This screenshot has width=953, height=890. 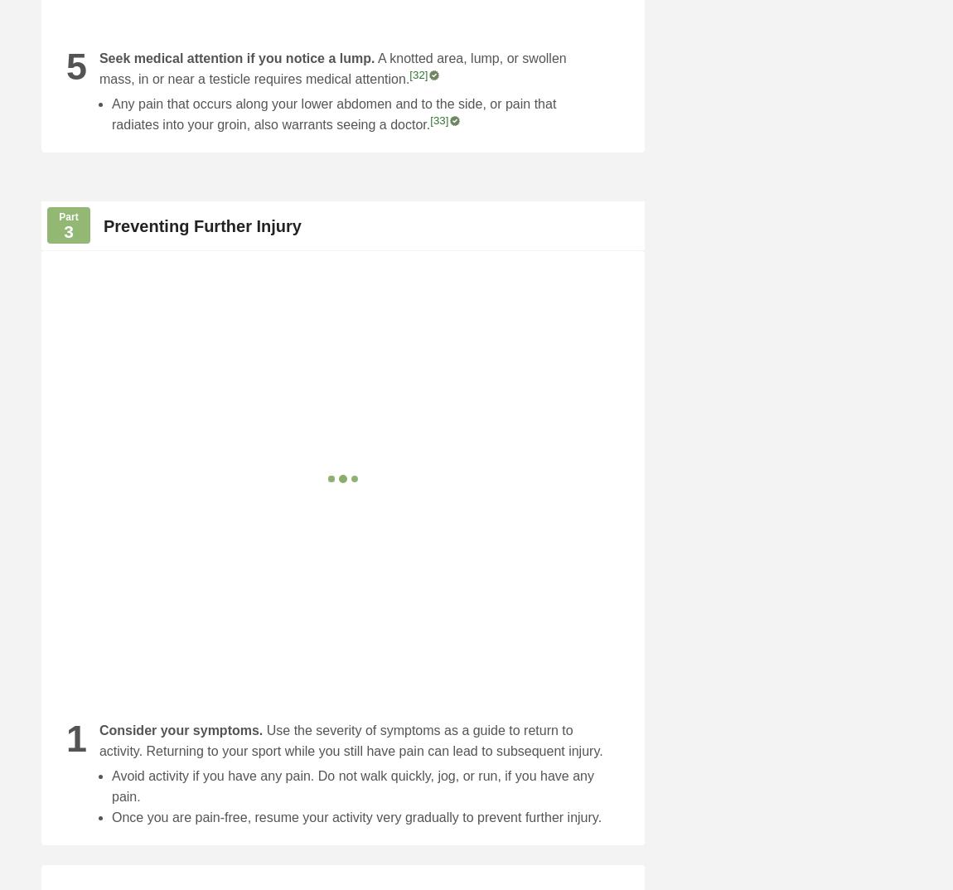 What do you see at coordinates (439, 119) in the screenshot?
I see `'[33]'` at bounding box center [439, 119].